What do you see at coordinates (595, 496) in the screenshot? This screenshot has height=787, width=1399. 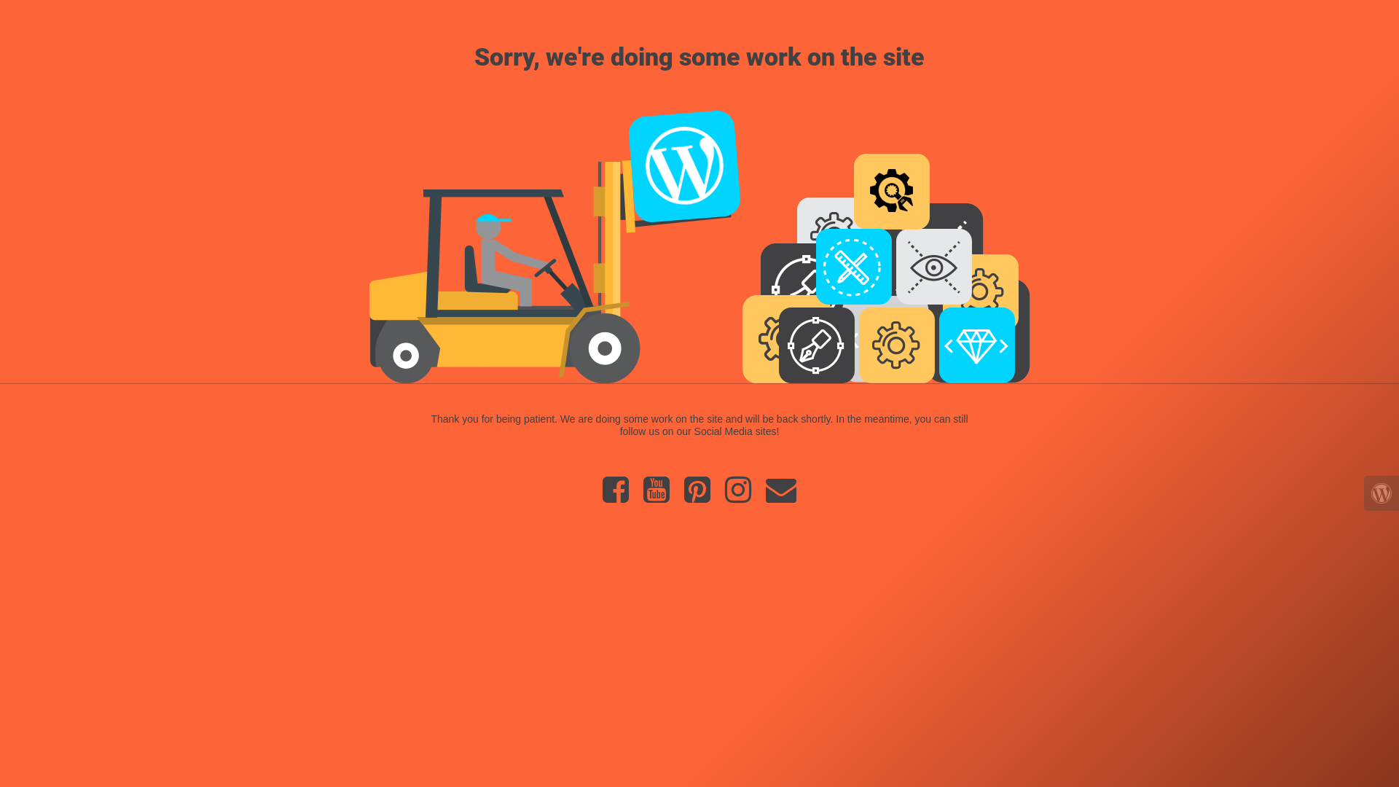 I see `'Facebook'` at bounding box center [595, 496].